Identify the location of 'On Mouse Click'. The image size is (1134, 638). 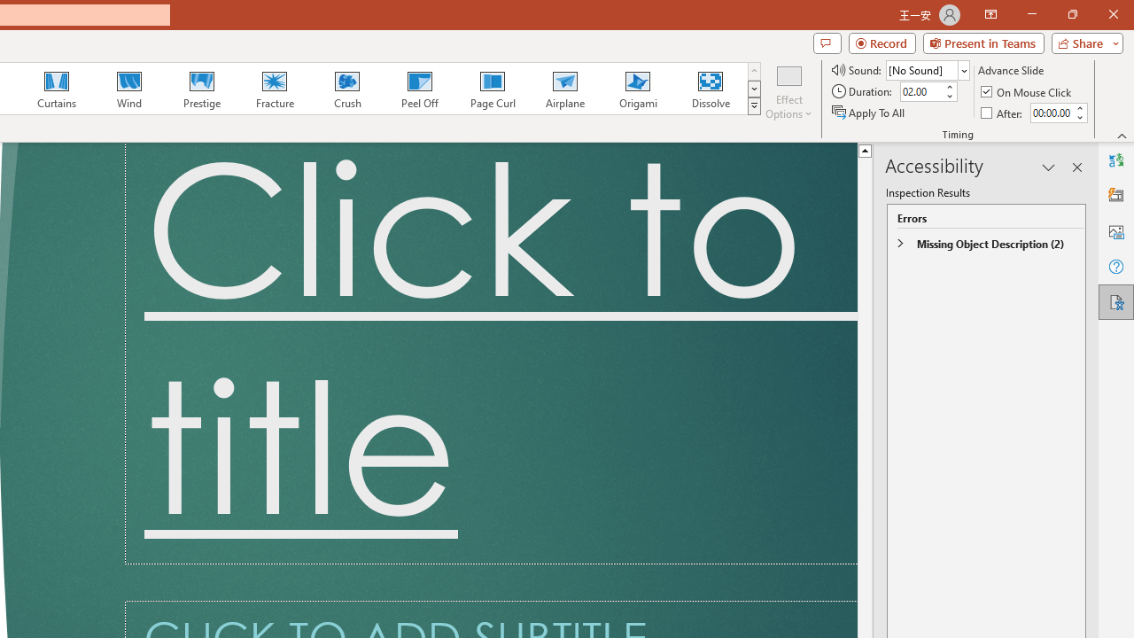
(1027, 91).